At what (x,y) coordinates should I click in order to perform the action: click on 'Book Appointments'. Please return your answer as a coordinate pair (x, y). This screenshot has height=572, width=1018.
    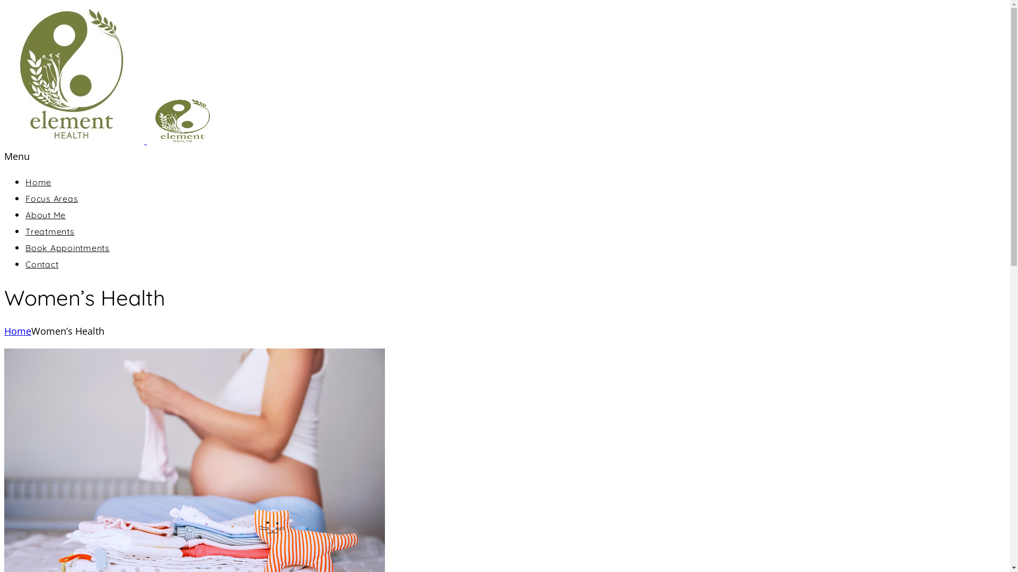
    Looking at the image, I should click on (67, 247).